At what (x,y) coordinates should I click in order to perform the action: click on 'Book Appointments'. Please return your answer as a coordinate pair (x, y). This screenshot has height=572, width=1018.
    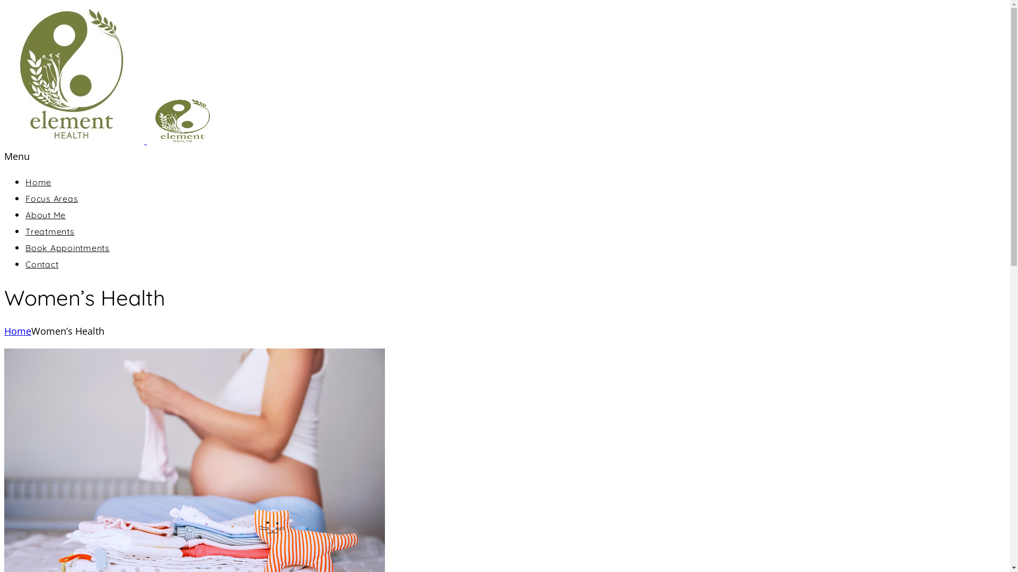
    Looking at the image, I should click on (67, 247).